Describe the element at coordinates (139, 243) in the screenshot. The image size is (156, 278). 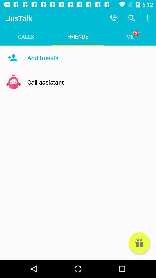
I see `gifts/rewards` at that location.